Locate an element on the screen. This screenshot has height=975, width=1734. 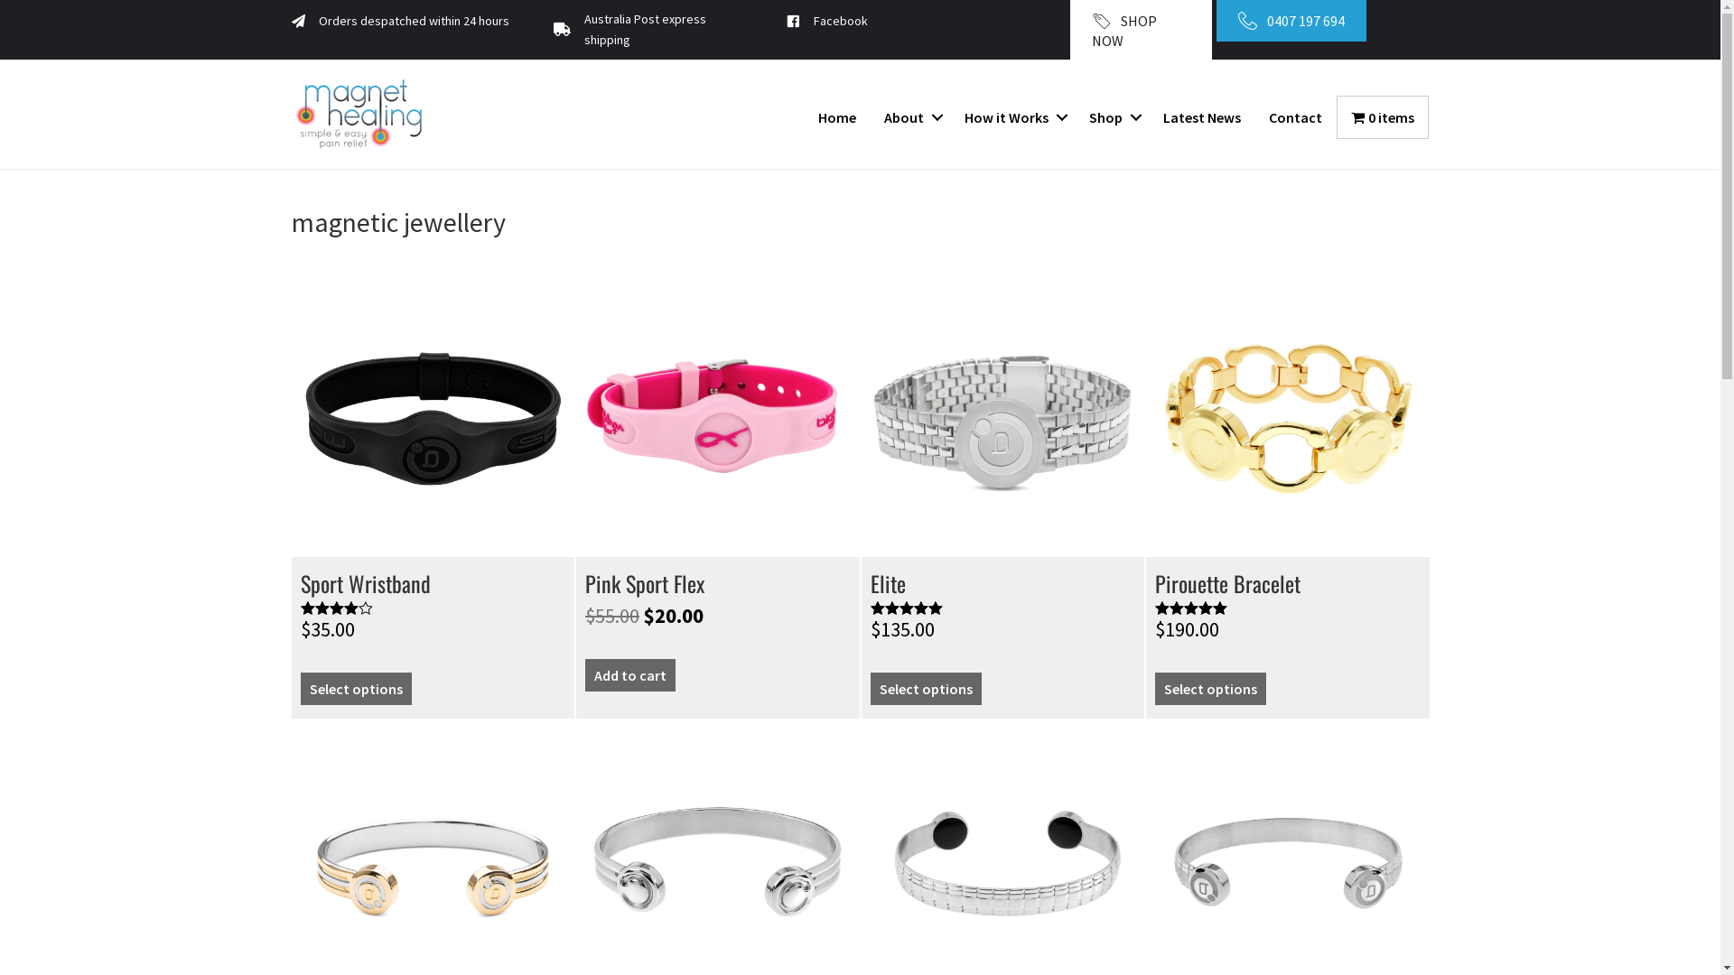
'How it Works' is located at coordinates (949, 117).